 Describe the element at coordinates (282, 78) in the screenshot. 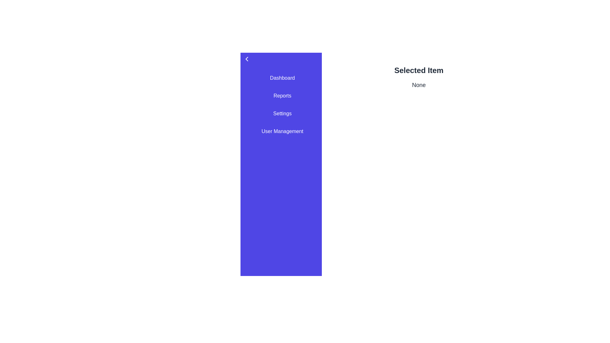

I see `the purple 'Dashboard' button with white text` at that location.